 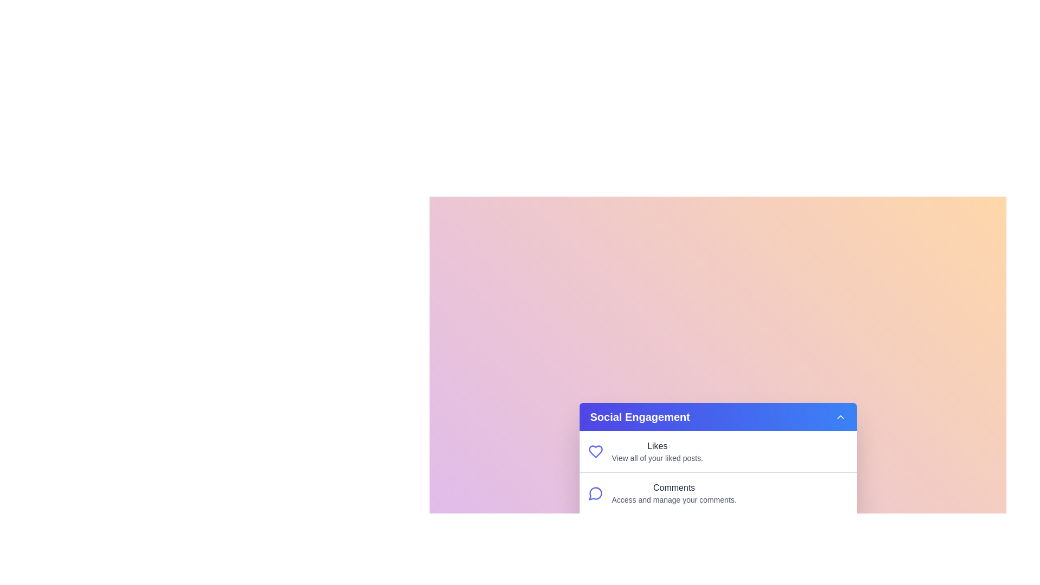 What do you see at coordinates (612, 440) in the screenshot?
I see `the menu item to highlight its description` at bounding box center [612, 440].